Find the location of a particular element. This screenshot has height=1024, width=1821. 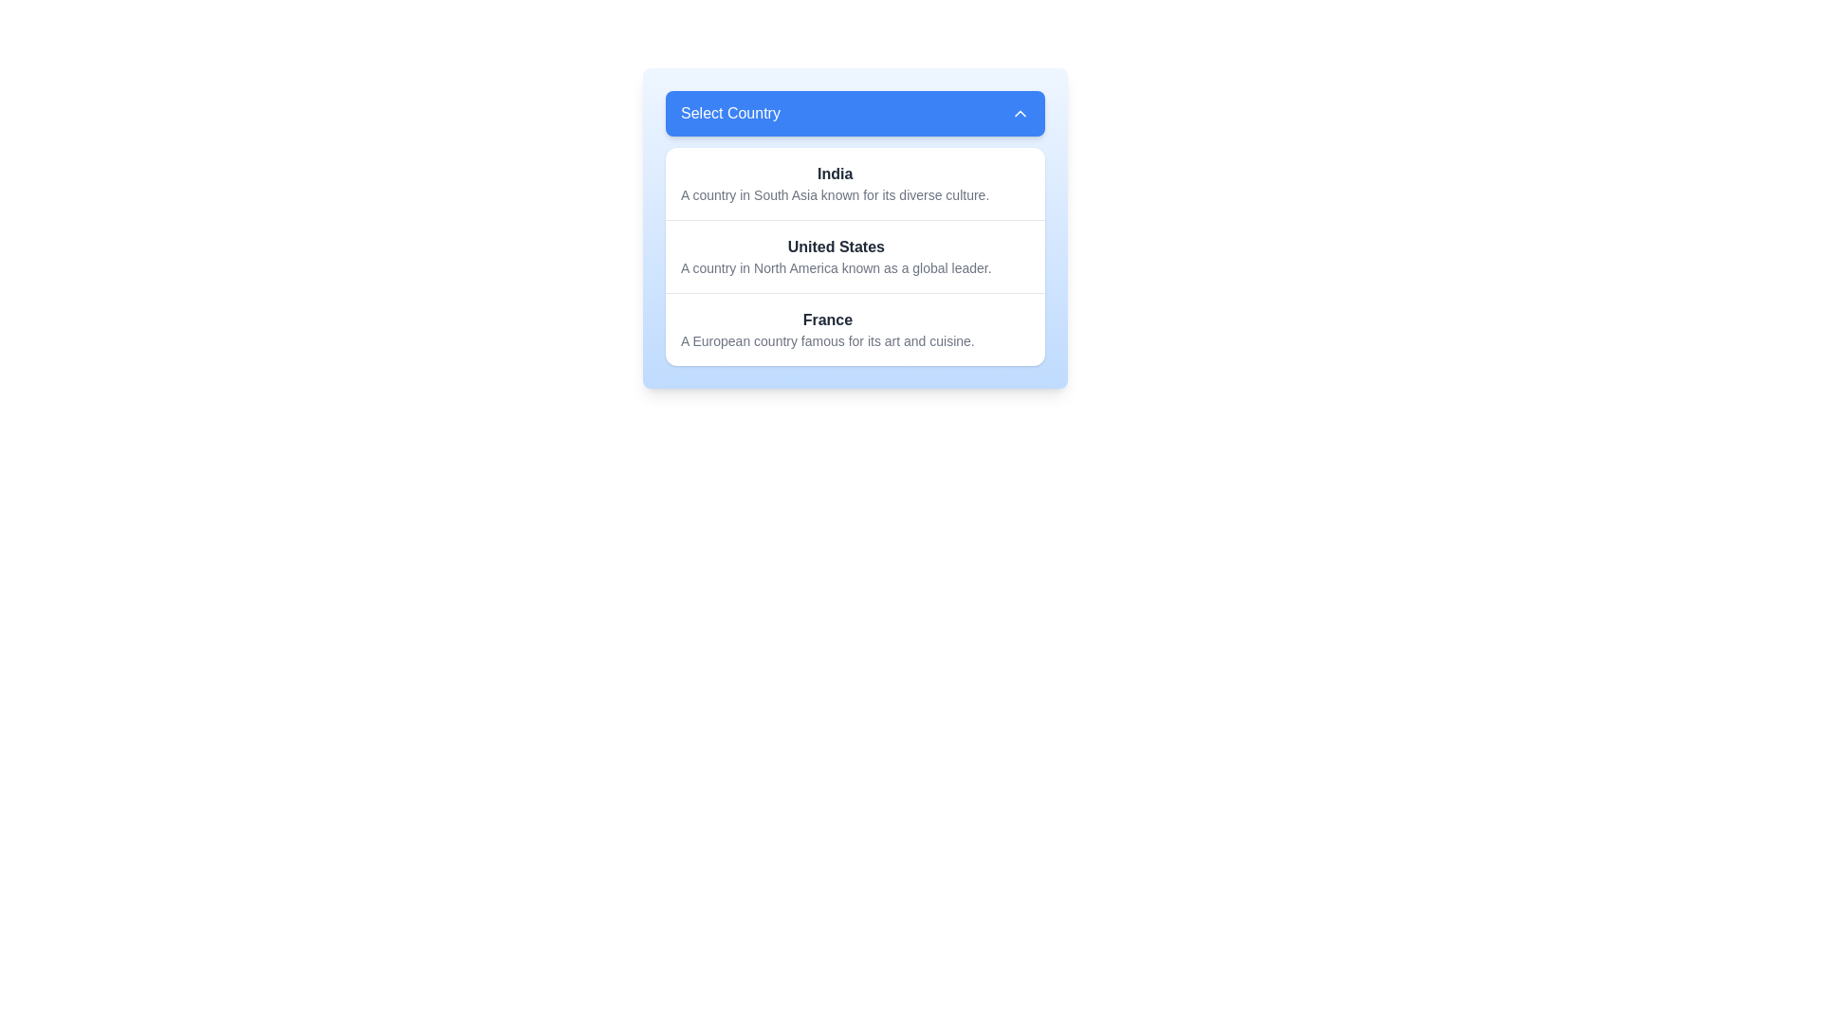

the static text element that reads 'A European country famous for its art and cuisine.' which is positioned beneath 'France' in the dropdown menu is located at coordinates (827, 339).